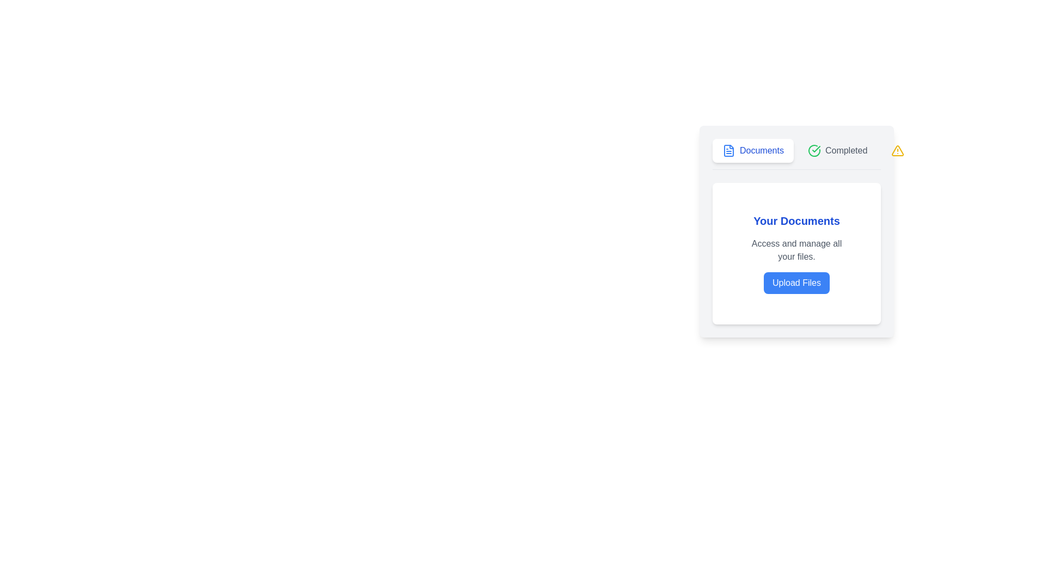 This screenshot has height=588, width=1046. Describe the element at coordinates (796, 154) in the screenshot. I see `the 'Documents' link in the navigation bar` at that location.